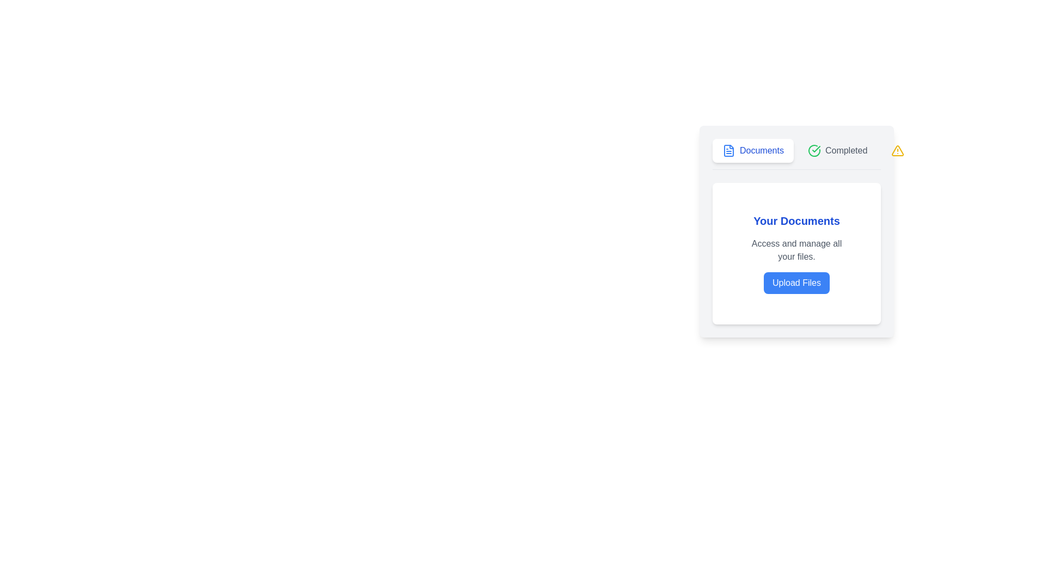 This screenshot has height=588, width=1046. Describe the element at coordinates (796, 154) in the screenshot. I see `the 'Documents' link in the navigation bar` at that location.